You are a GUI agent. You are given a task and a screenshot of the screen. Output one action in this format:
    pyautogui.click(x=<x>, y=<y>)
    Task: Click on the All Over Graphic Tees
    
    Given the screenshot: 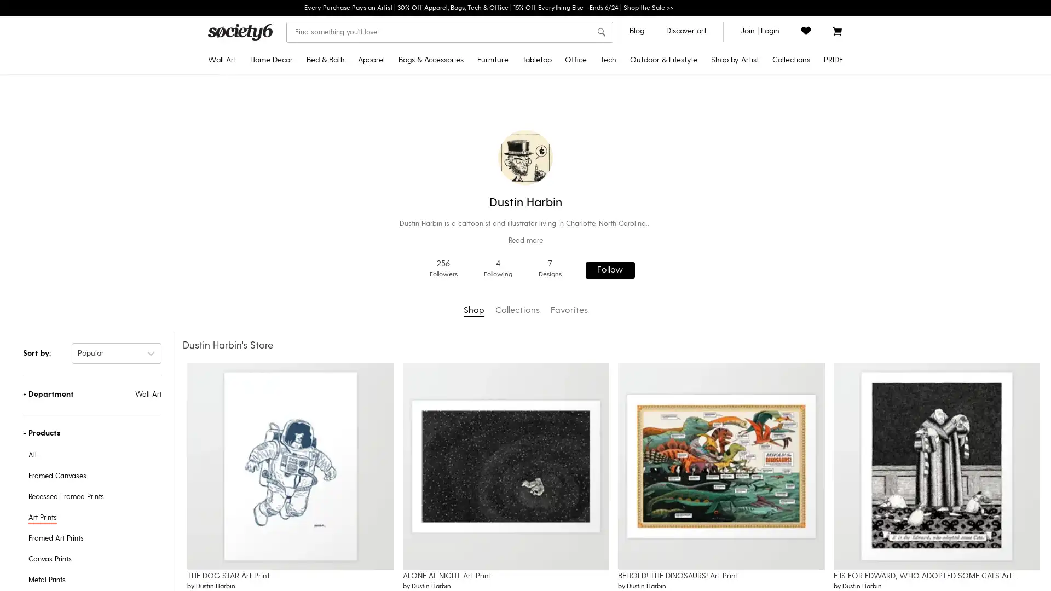 What is the action you would take?
    pyautogui.click(x=406, y=158)
    